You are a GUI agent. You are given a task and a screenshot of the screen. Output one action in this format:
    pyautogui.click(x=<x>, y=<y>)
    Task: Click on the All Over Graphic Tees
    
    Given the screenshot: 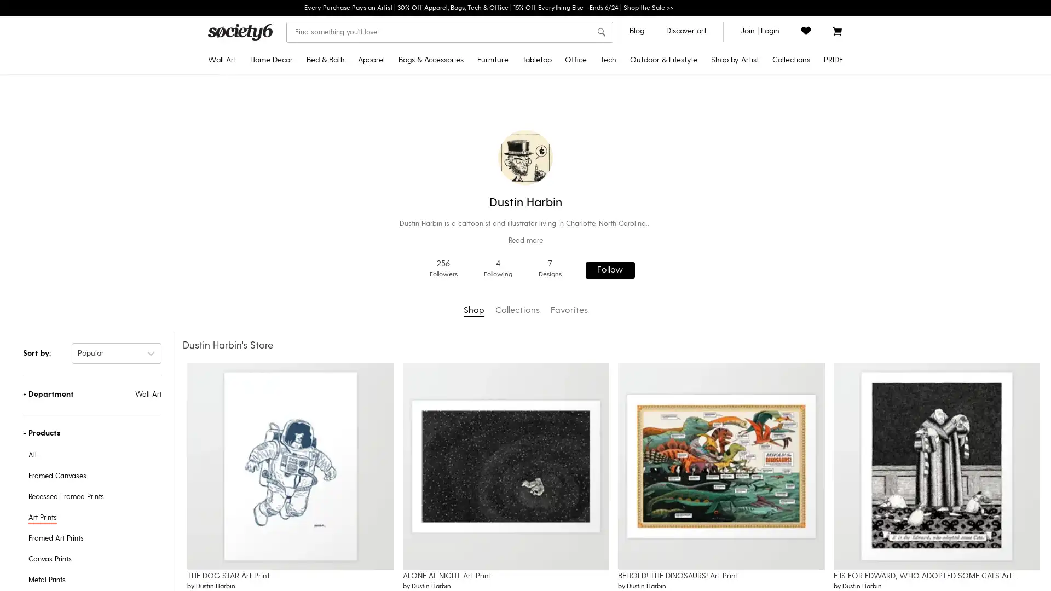 What is the action you would take?
    pyautogui.click(x=406, y=158)
    